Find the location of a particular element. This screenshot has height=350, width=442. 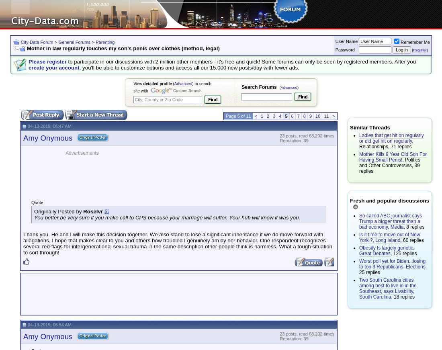

'Obesity Is largely genetic' is located at coordinates (358, 248).